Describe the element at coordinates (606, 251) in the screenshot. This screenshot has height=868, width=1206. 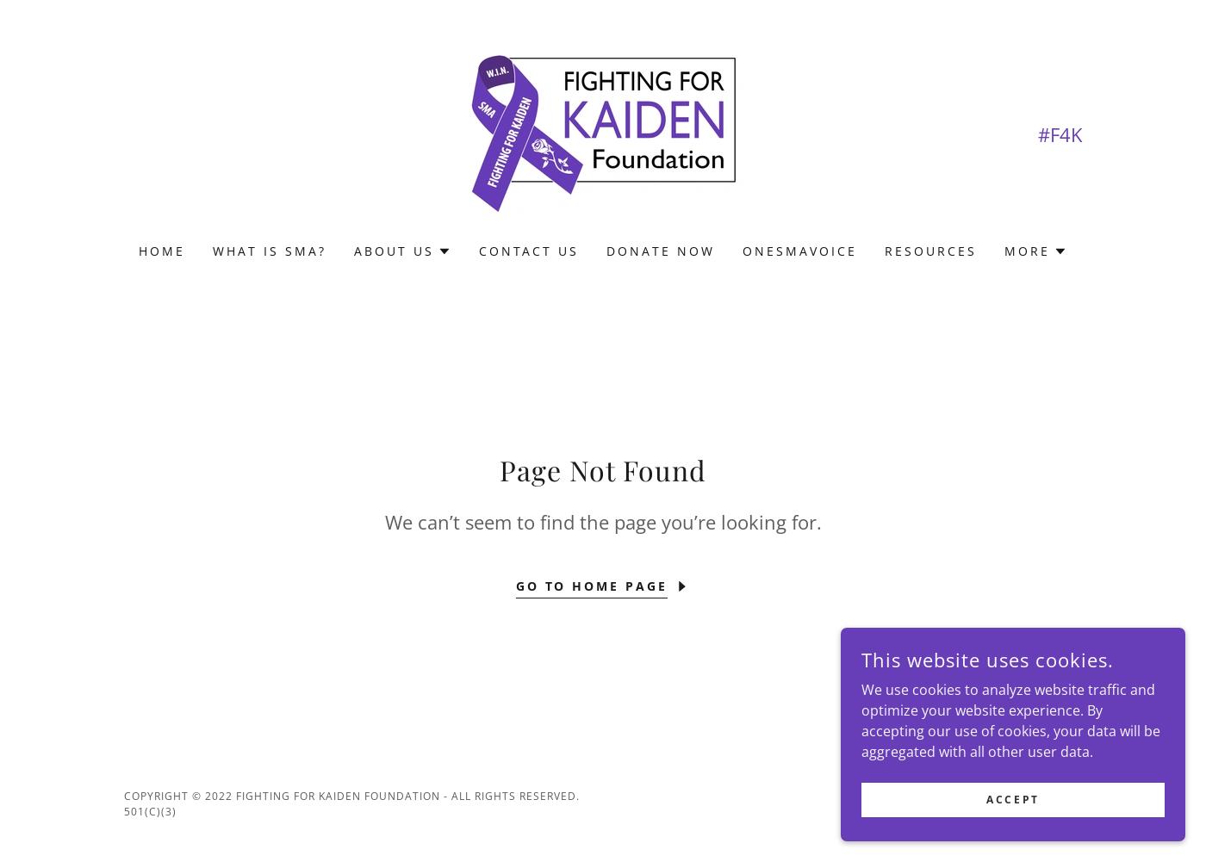
I see `'Donate Now'` at that location.